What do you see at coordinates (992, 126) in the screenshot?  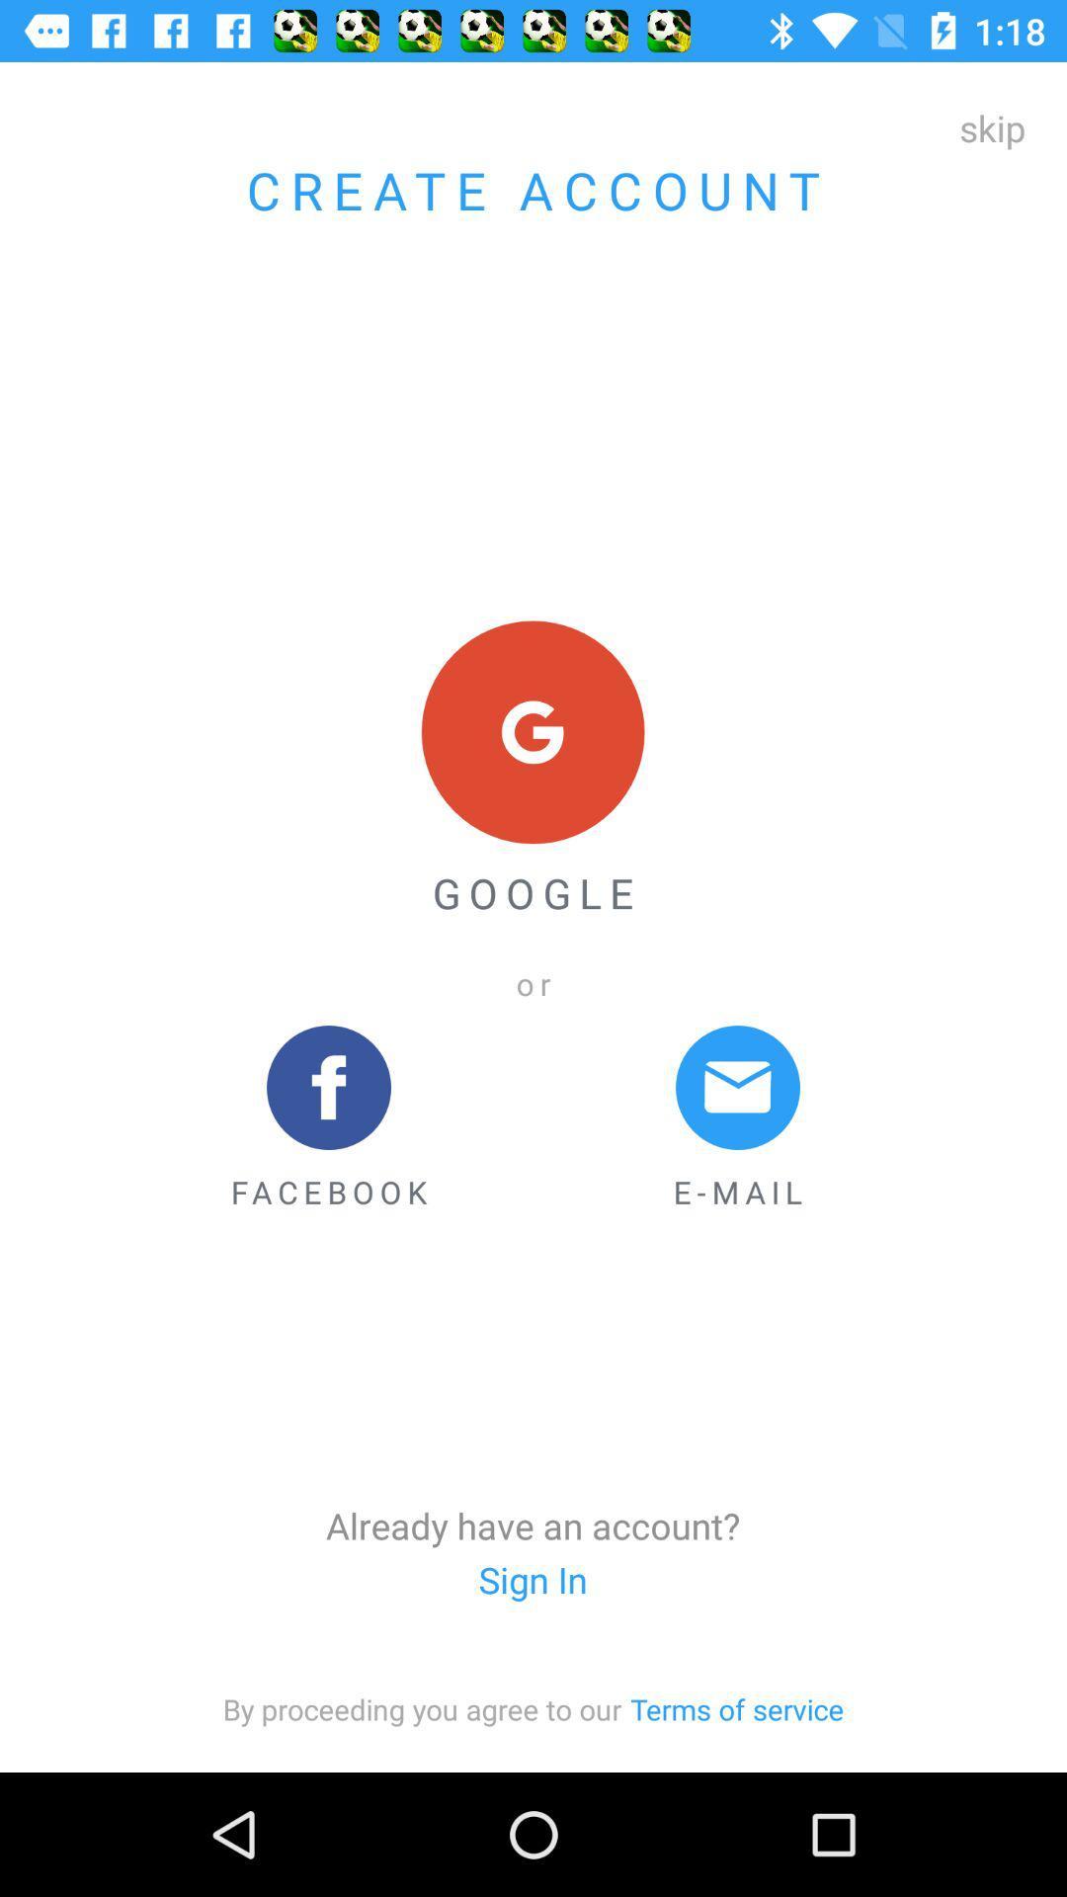 I see `the skip at the top right corner` at bounding box center [992, 126].